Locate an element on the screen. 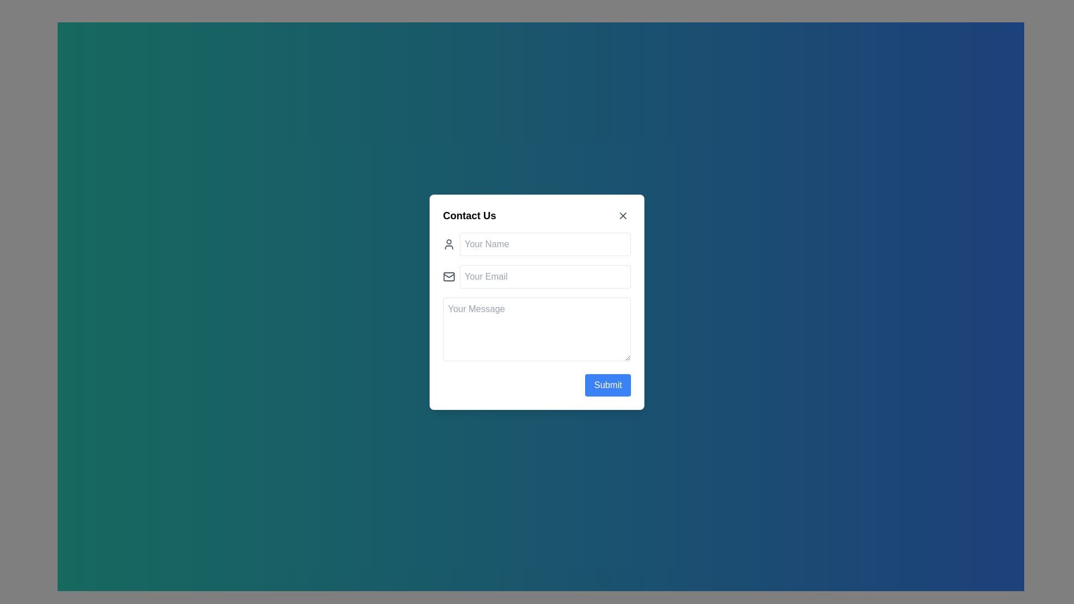  the close icon button located in the top-right corner of the dialog box to observe the hover-style change is located at coordinates (622, 215).